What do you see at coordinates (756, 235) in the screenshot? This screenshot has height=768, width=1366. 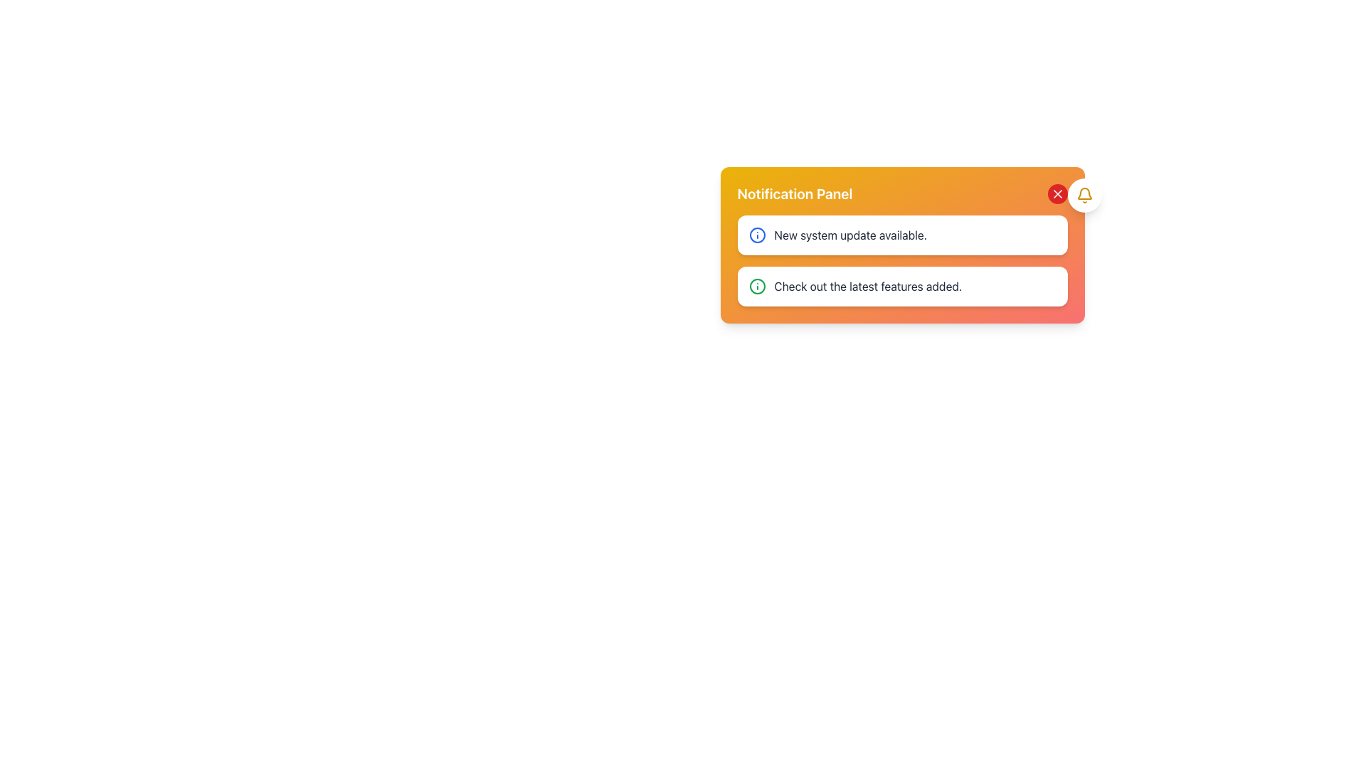 I see `the circular blue informational icon located in the notification panel, which is situated to the left of the text 'New system update available'` at bounding box center [756, 235].